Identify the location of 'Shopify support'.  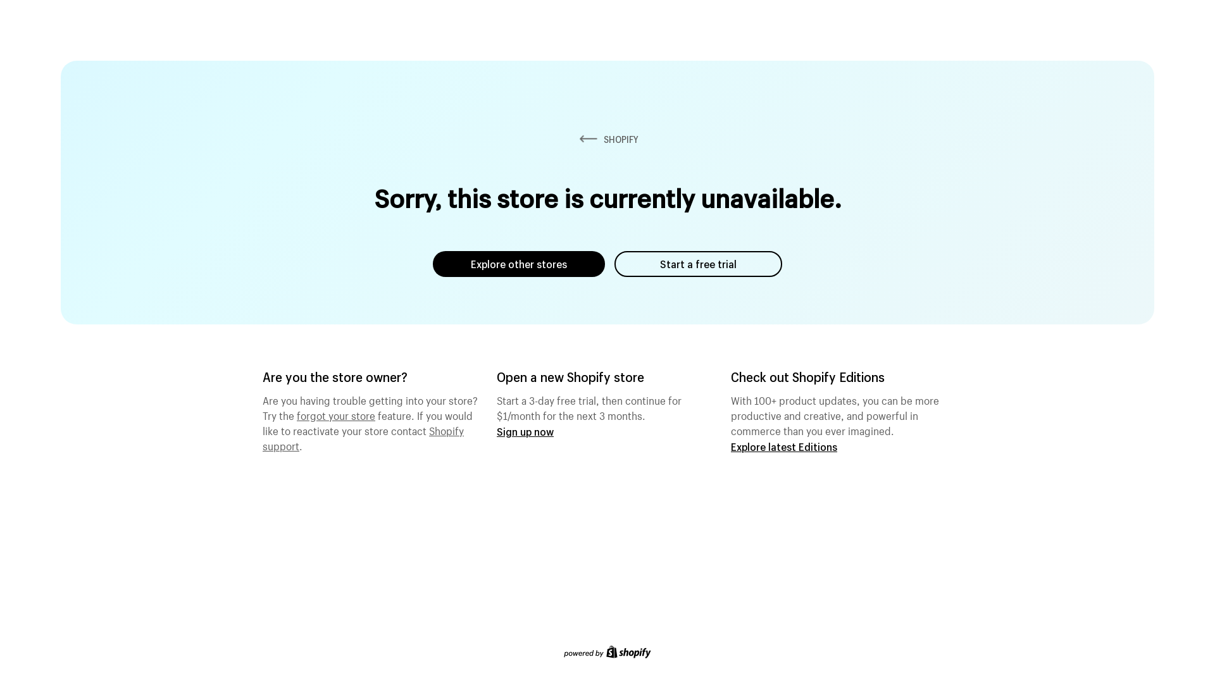
(363, 436).